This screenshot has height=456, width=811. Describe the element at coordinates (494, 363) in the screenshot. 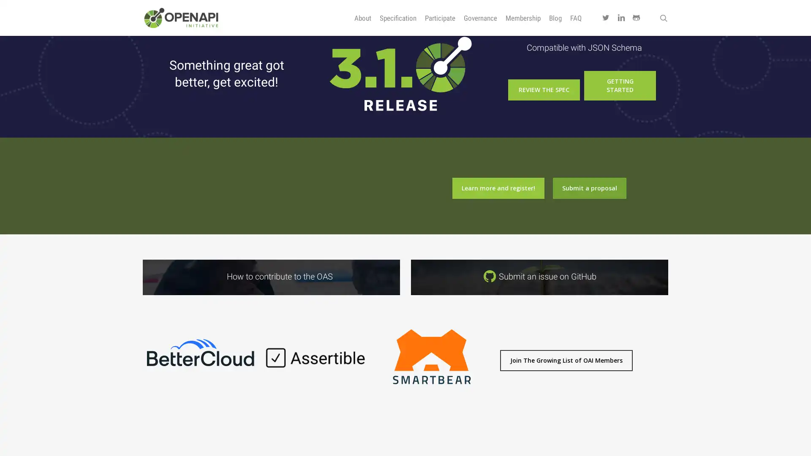

I see `Next` at that location.